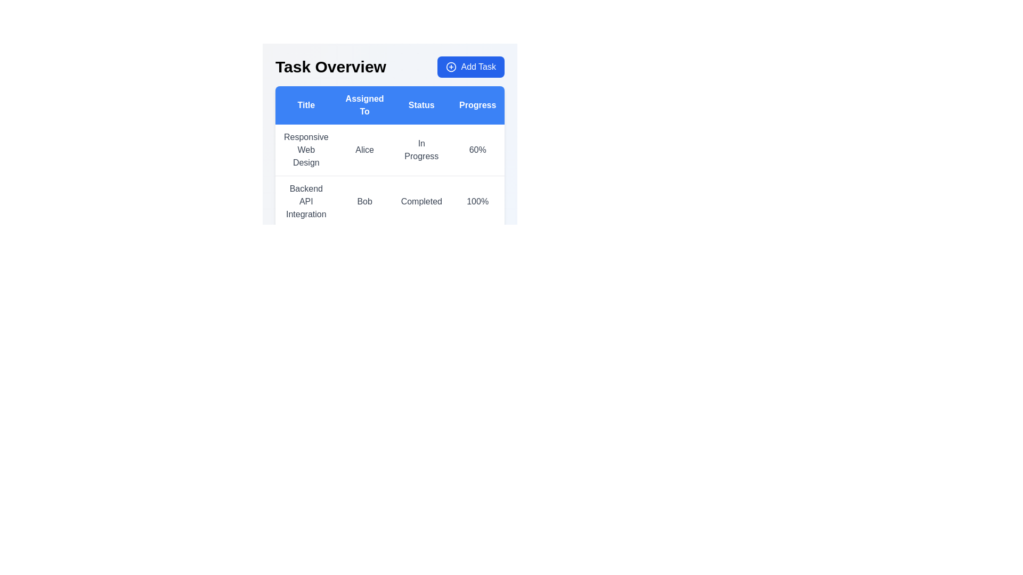 The height and width of the screenshot is (575, 1023). I want to click on the text display element showing 'In Progress' in the 'Status' column of the table located below the blue header, so click(421, 157).